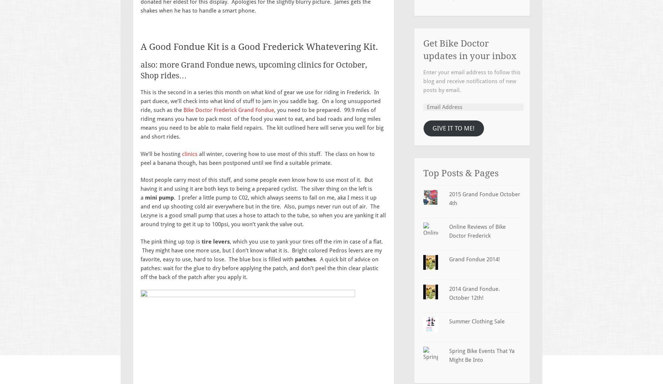  I want to click on 'mini pump', so click(159, 197).